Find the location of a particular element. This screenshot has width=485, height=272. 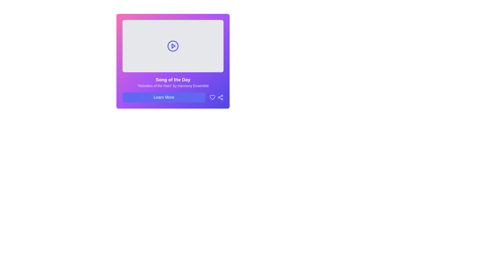

the static text displaying "Melodies of the Rain" by Harmony Ensemble, which is located below the bold title "Song of the Day" and is centered in a card-like layout with a gradient purple background is located at coordinates (173, 85).